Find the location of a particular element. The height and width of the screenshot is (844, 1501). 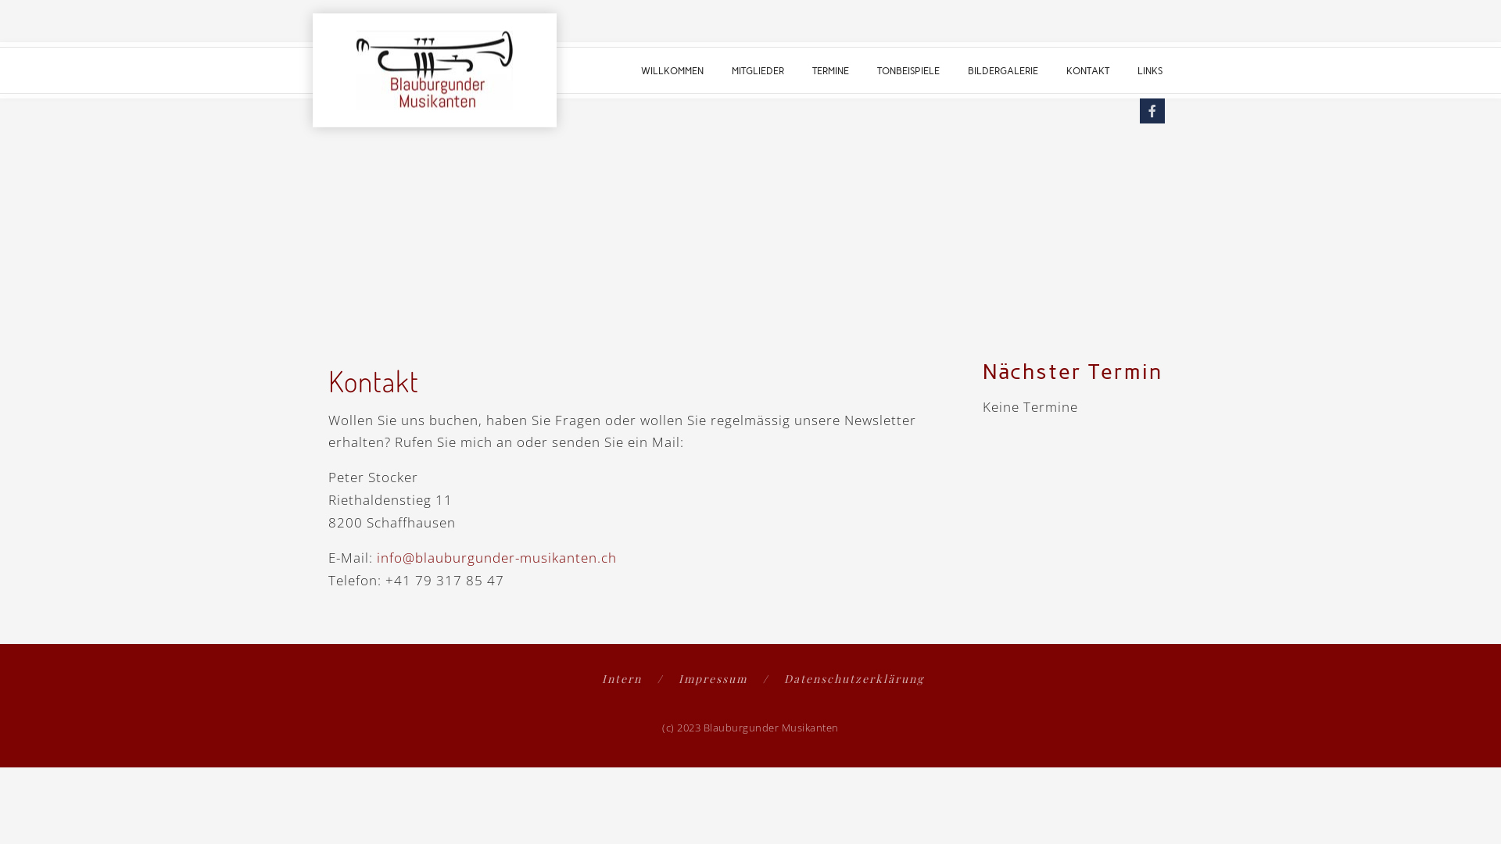

'WILLKOMMEN' is located at coordinates (672, 69).